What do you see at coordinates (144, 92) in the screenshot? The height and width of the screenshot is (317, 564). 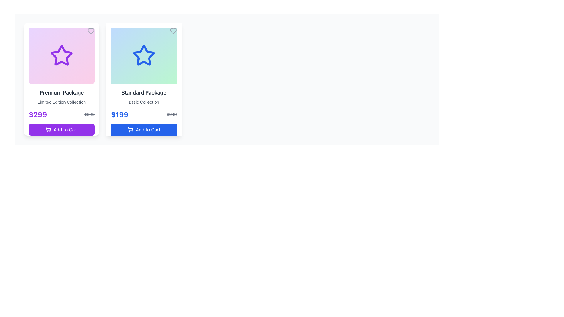 I see `the textual label displaying 'Standard Package', which is styled in large, bold black font and is located in a card layout, positioned below the star icon and above the 'Basic Collection' description text` at bounding box center [144, 92].